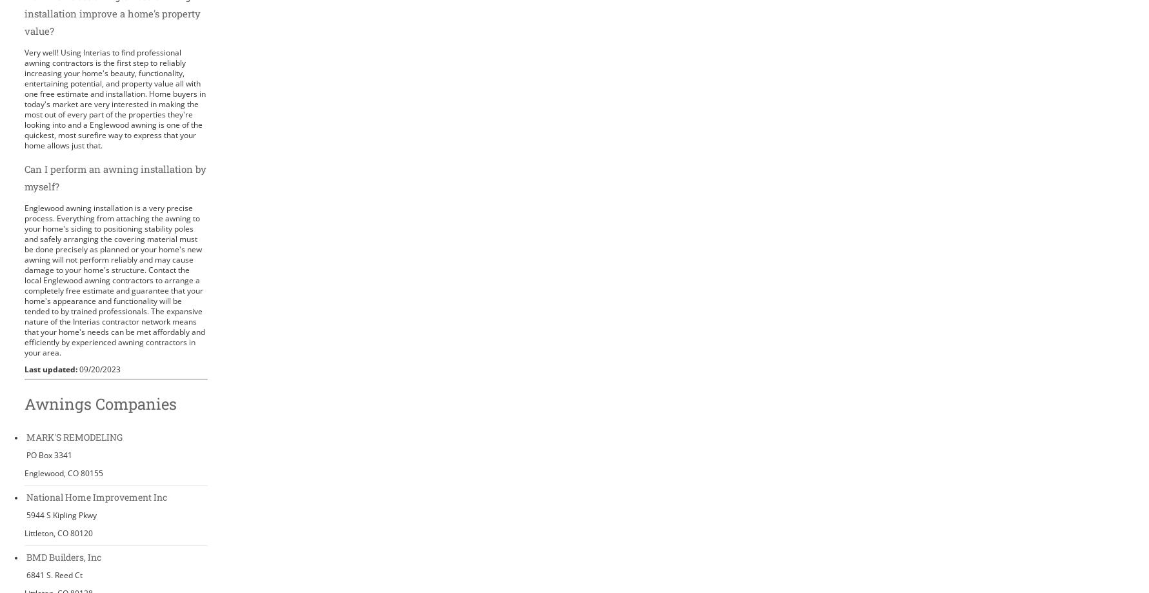 Image resolution: width=1149 pixels, height=593 pixels. I want to click on 'BMD Builders, Inc', so click(63, 556).